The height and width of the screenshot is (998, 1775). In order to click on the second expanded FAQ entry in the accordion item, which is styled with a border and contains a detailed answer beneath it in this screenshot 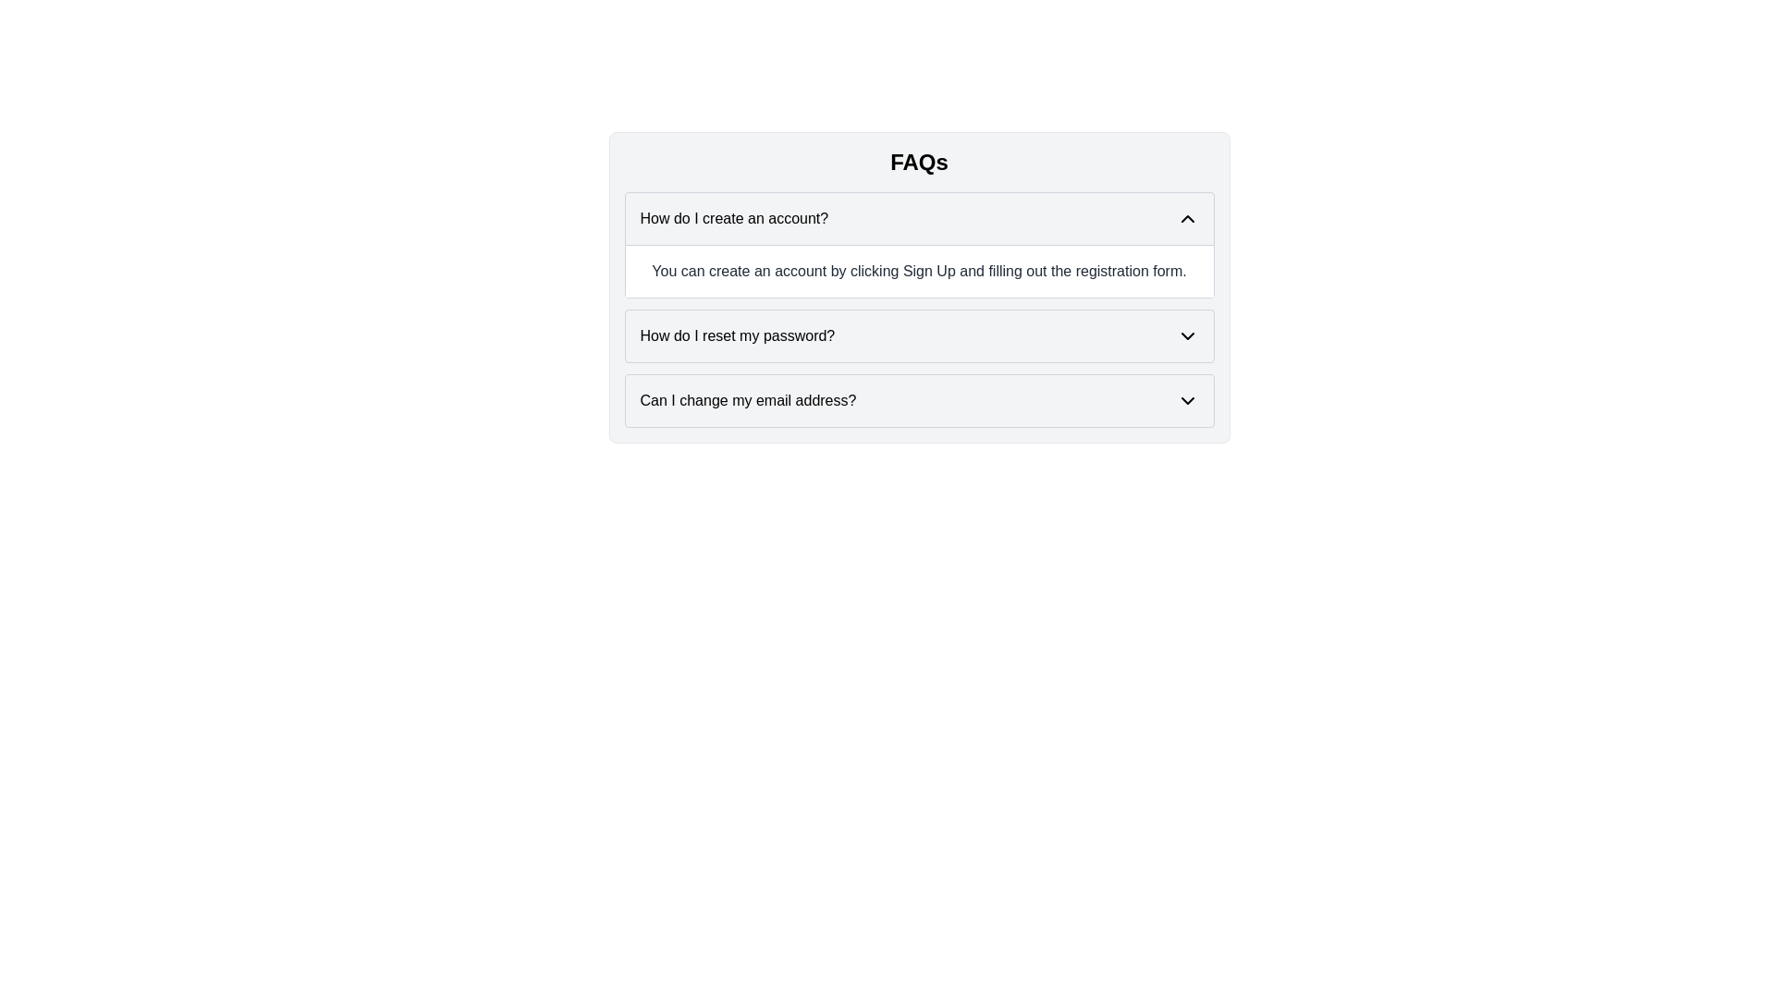, I will do `click(919, 309)`.